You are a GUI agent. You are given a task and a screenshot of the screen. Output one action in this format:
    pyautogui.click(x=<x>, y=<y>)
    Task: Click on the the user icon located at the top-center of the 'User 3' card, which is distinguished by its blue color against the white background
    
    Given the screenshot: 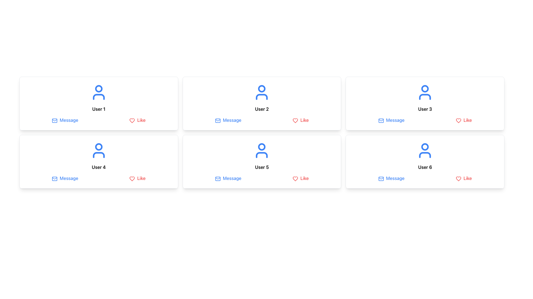 What is the action you would take?
    pyautogui.click(x=425, y=92)
    